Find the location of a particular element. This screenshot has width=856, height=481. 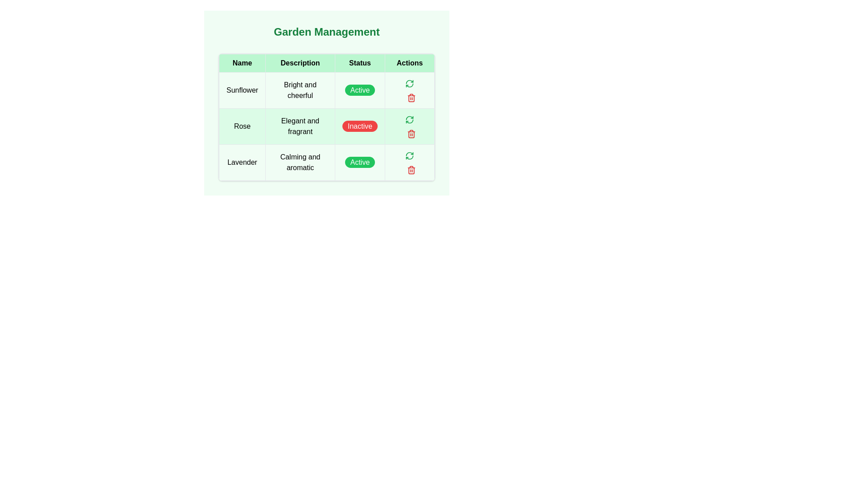

the Status indicator badge in the 'Status' column of the table on the third row for the 'Lavender' entry is located at coordinates (360, 162).